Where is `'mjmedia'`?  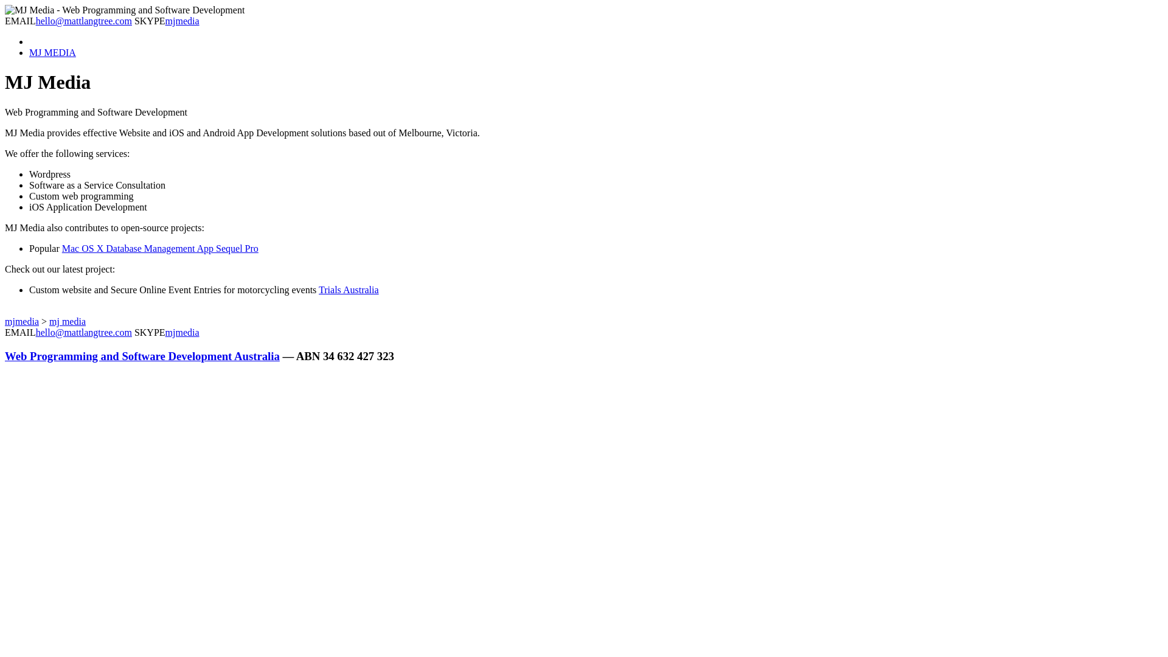
'mjmedia' is located at coordinates (21, 321).